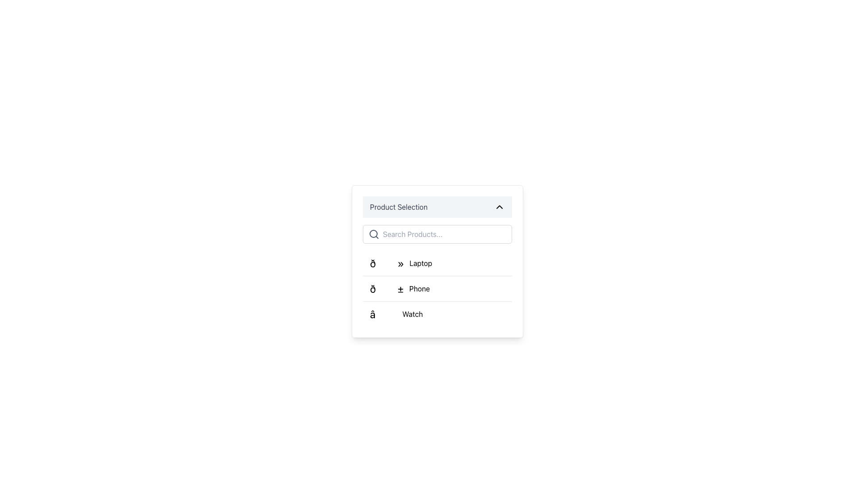  I want to click on the stylized glyph resembling an emoji or symbol located to the left of the text 'Laptop' in the dropdown-like menu, so click(387, 263).